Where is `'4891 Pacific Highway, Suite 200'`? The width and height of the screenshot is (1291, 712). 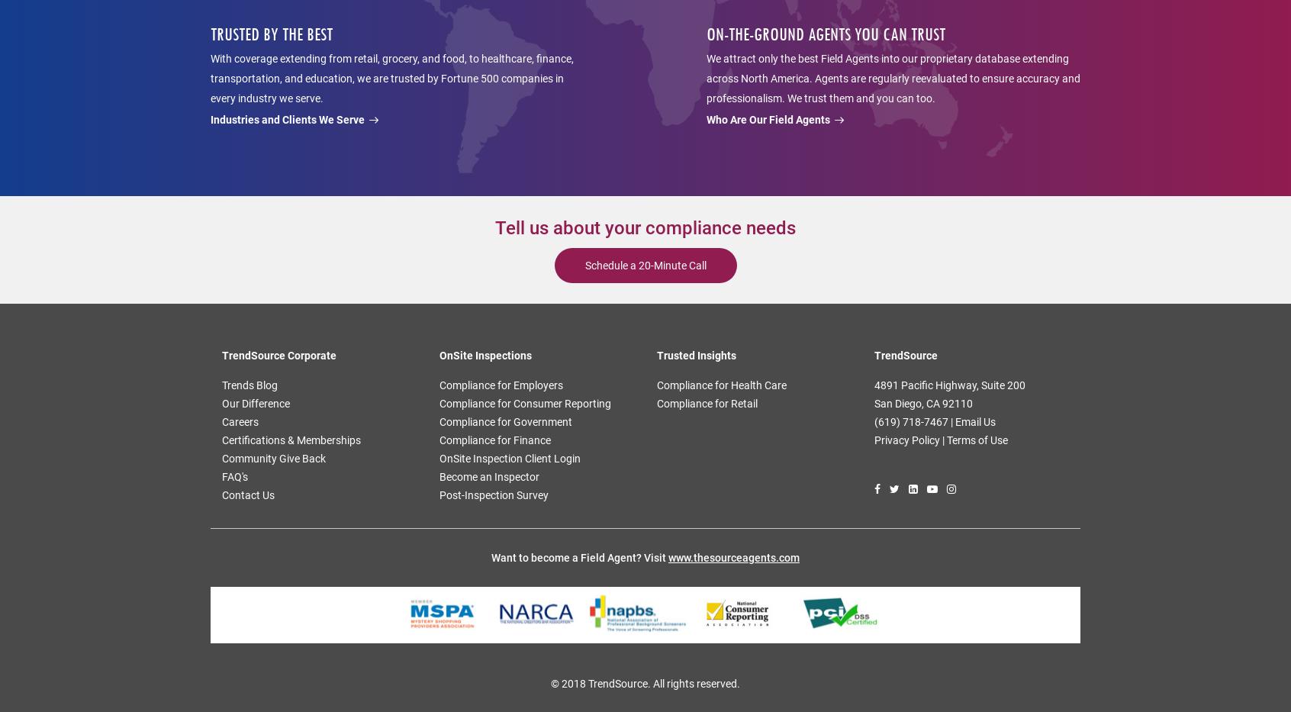
'4891 Pacific Highway, Suite 200' is located at coordinates (873, 385).